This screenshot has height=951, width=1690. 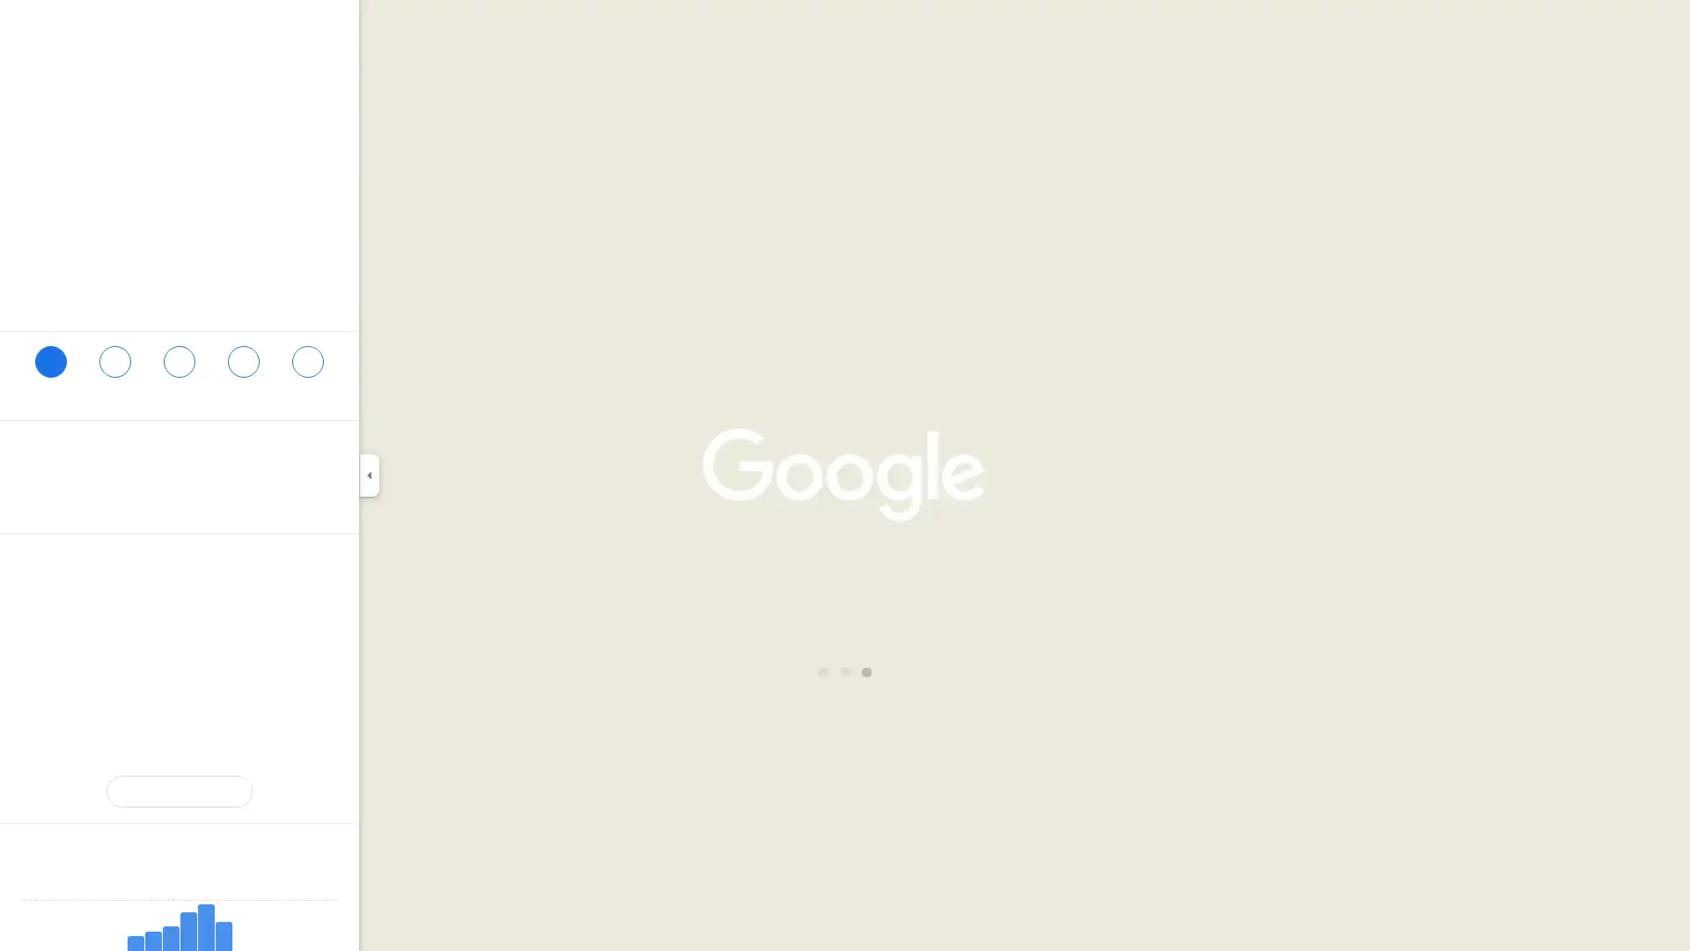 What do you see at coordinates (332, 831) in the screenshot?
I see `Information about Popular Times` at bounding box center [332, 831].